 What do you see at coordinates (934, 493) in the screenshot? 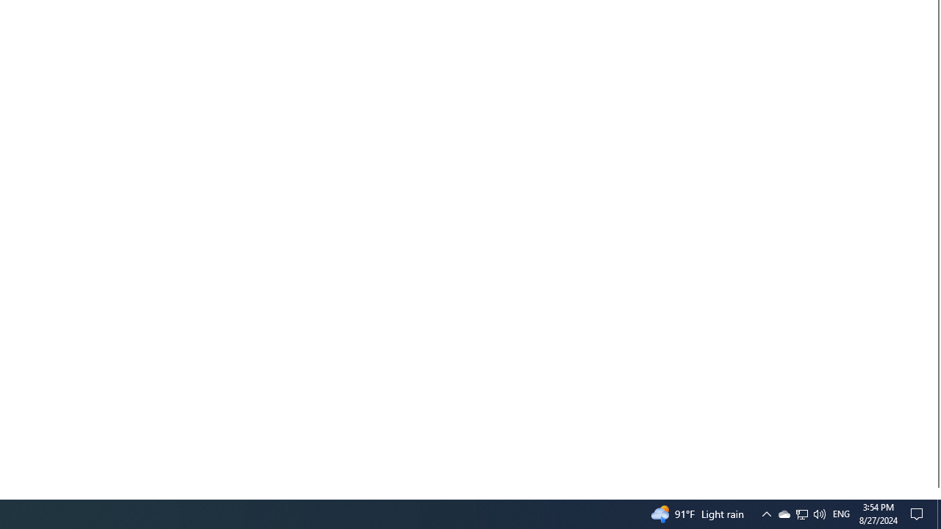
I see `'Vertical Small Increase'` at bounding box center [934, 493].